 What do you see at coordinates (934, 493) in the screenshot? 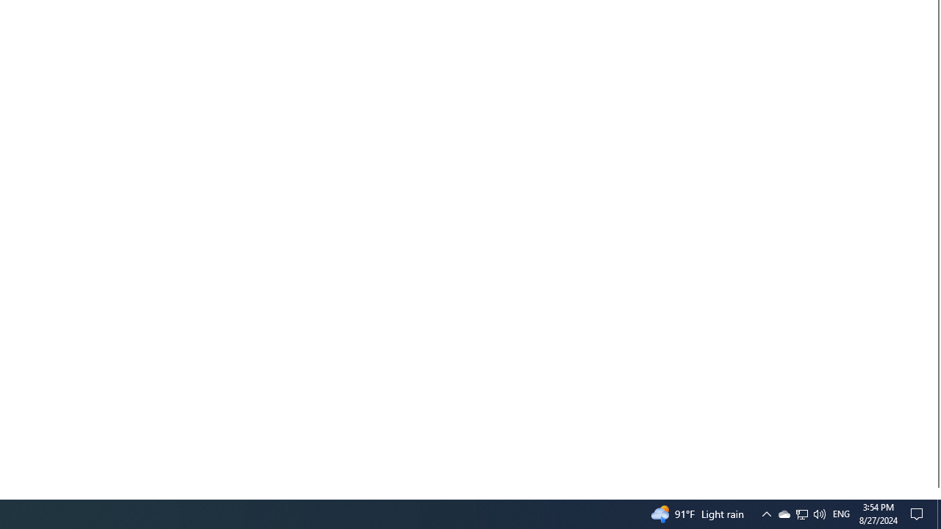
I see `'Vertical Small Increase'` at bounding box center [934, 493].